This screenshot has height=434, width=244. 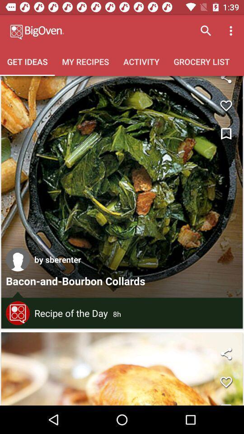 I want to click on open new page, so click(x=122, y=369).